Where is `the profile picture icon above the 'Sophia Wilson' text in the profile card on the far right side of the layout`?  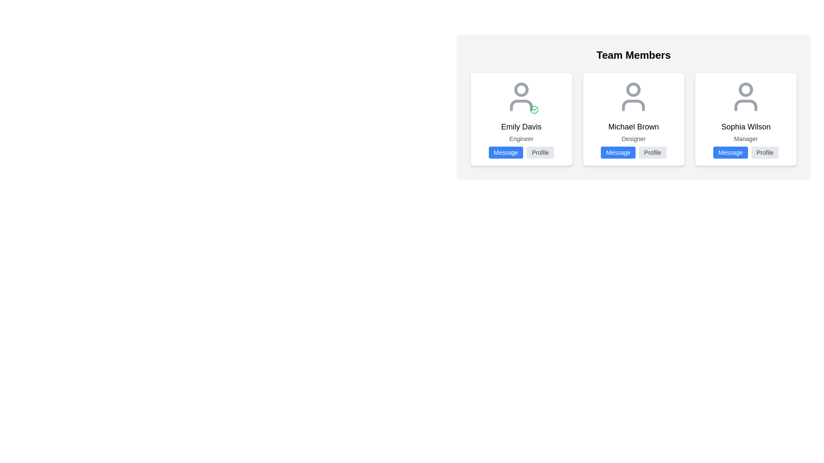 the profile picture icon above the 'Sophia Wilson' text in the profile card on the far right side of the layout is located at coordinates (745, 90).